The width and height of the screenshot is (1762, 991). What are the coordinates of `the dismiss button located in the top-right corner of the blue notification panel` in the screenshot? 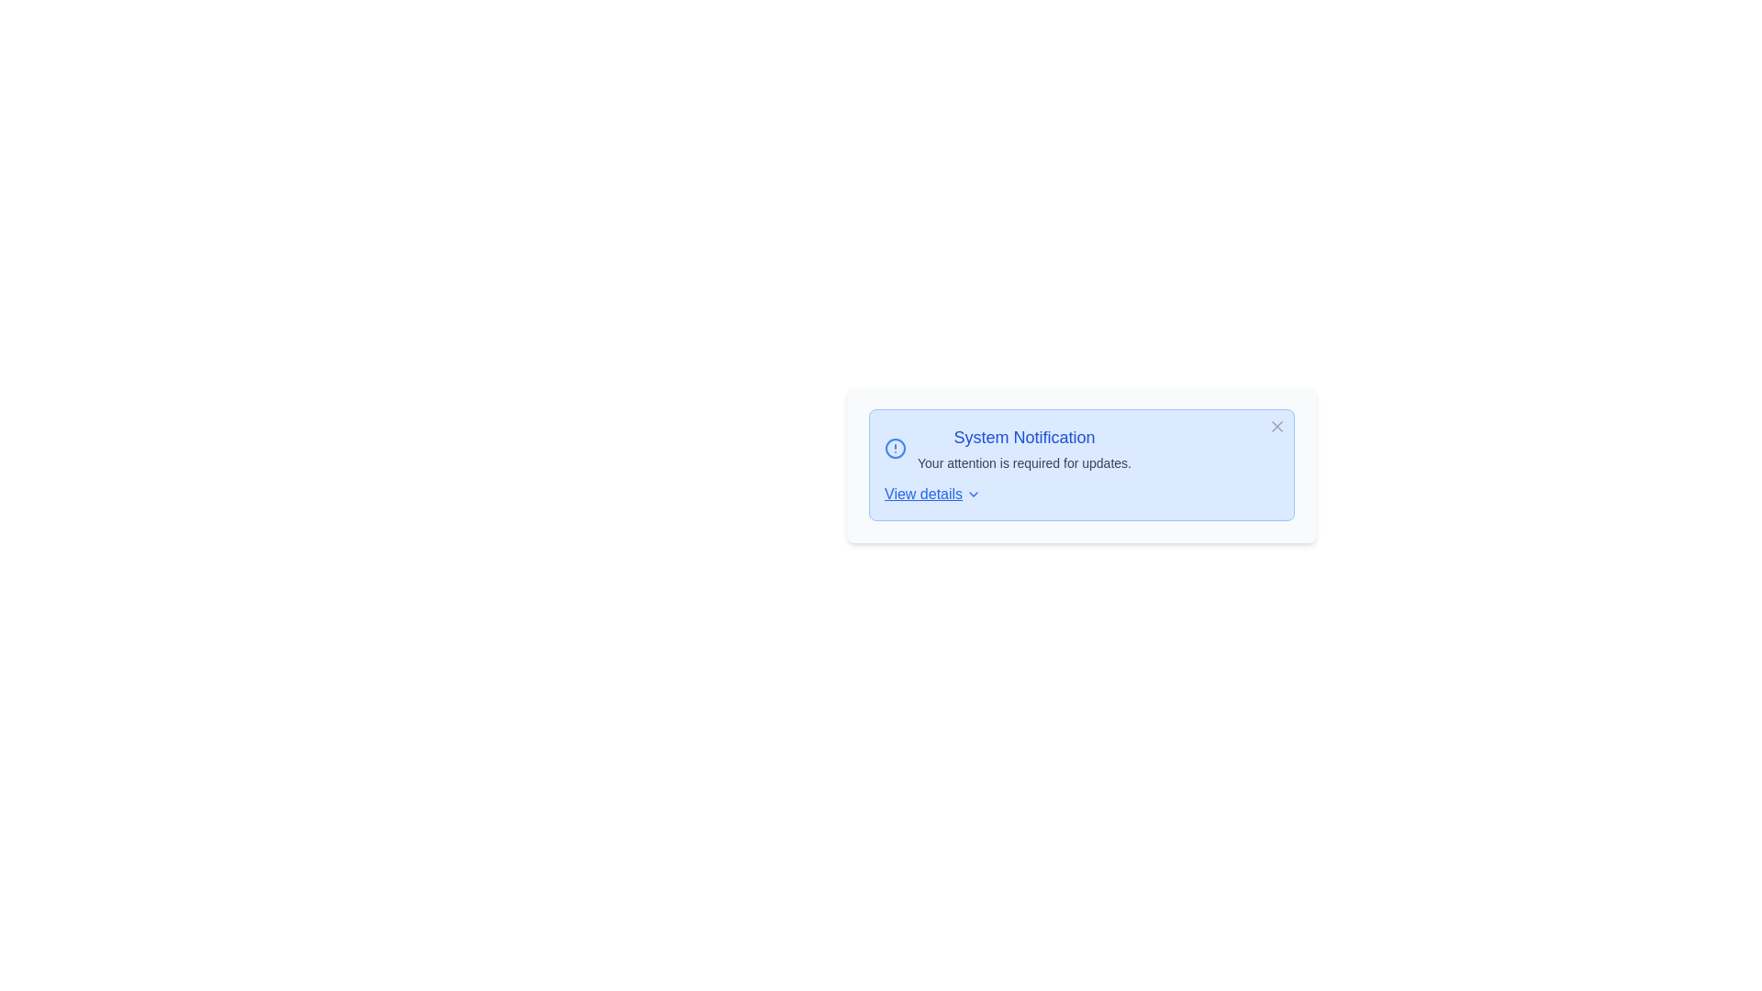 It's located at (1277, 427).